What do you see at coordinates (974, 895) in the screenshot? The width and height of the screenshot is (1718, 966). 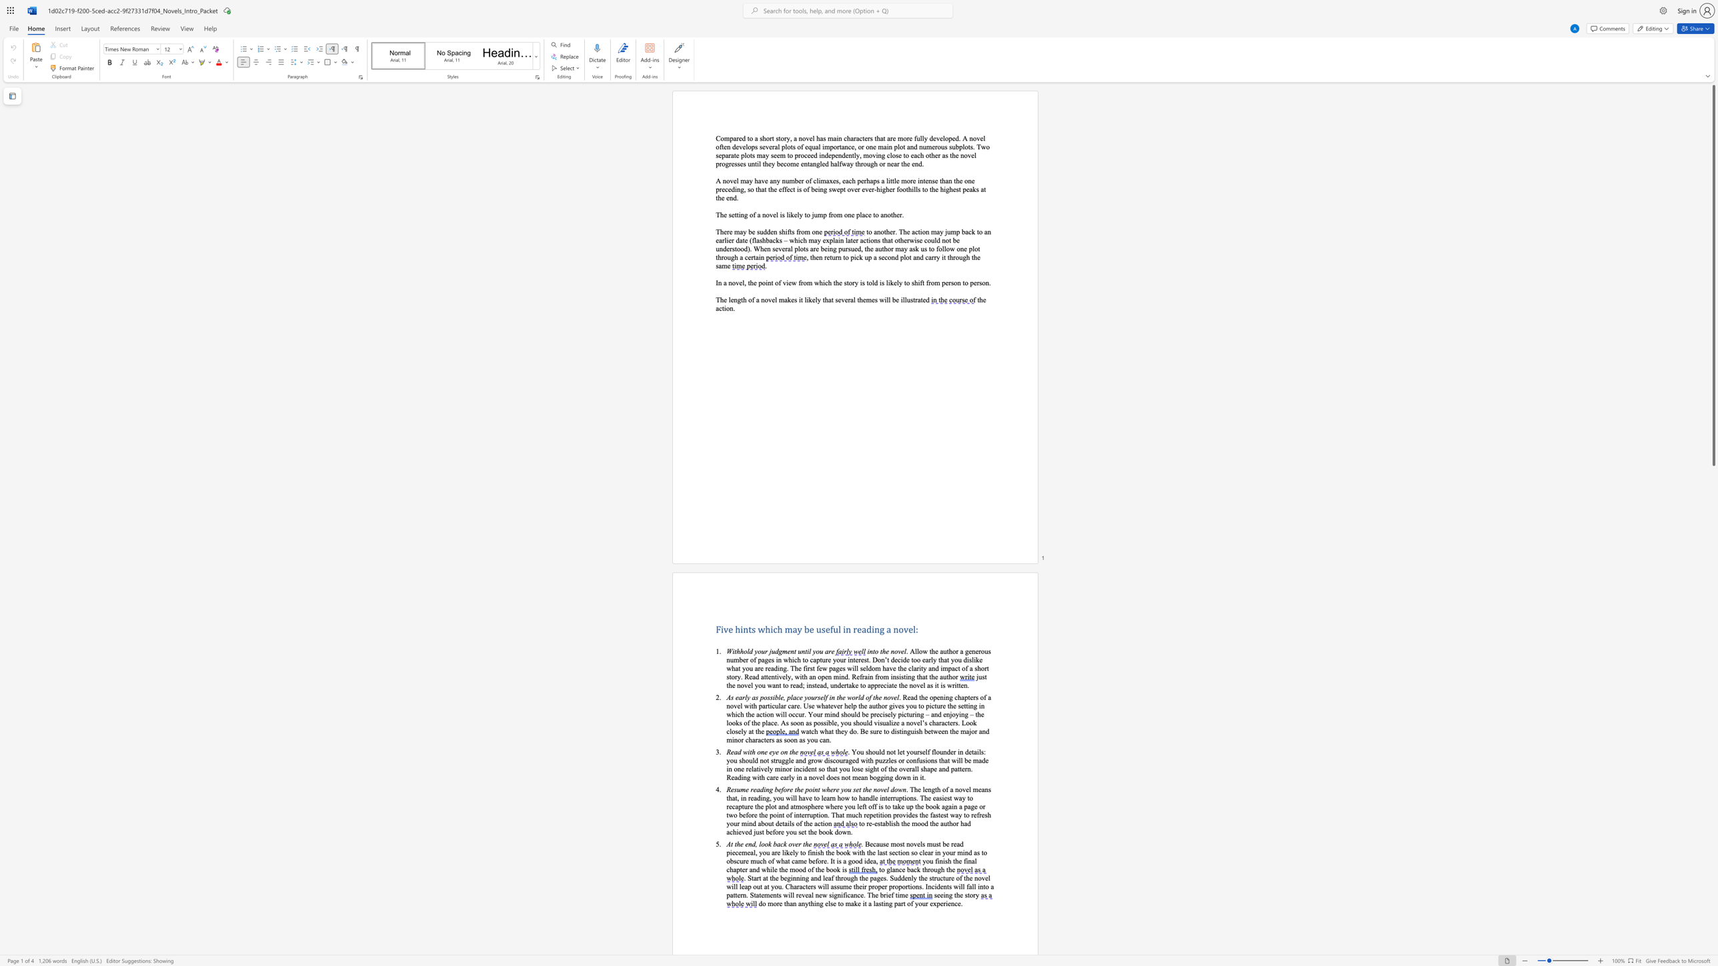 I see `the 1th character "r" in the text` at bounding box center [974, 895].